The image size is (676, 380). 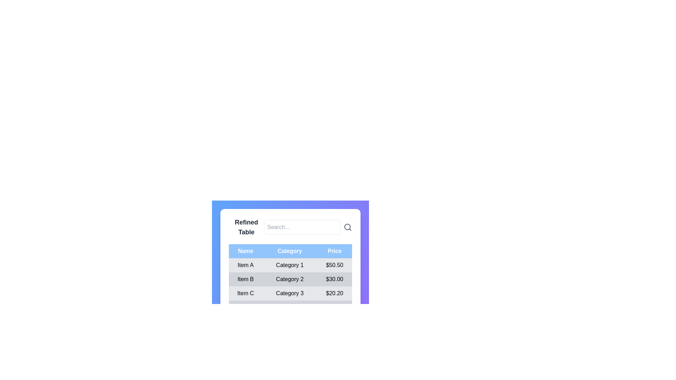 I want to click on the text field that represents the category associated with 'Item A' in the first row of the table under the 'Category' column, so click(x=290, y=265).